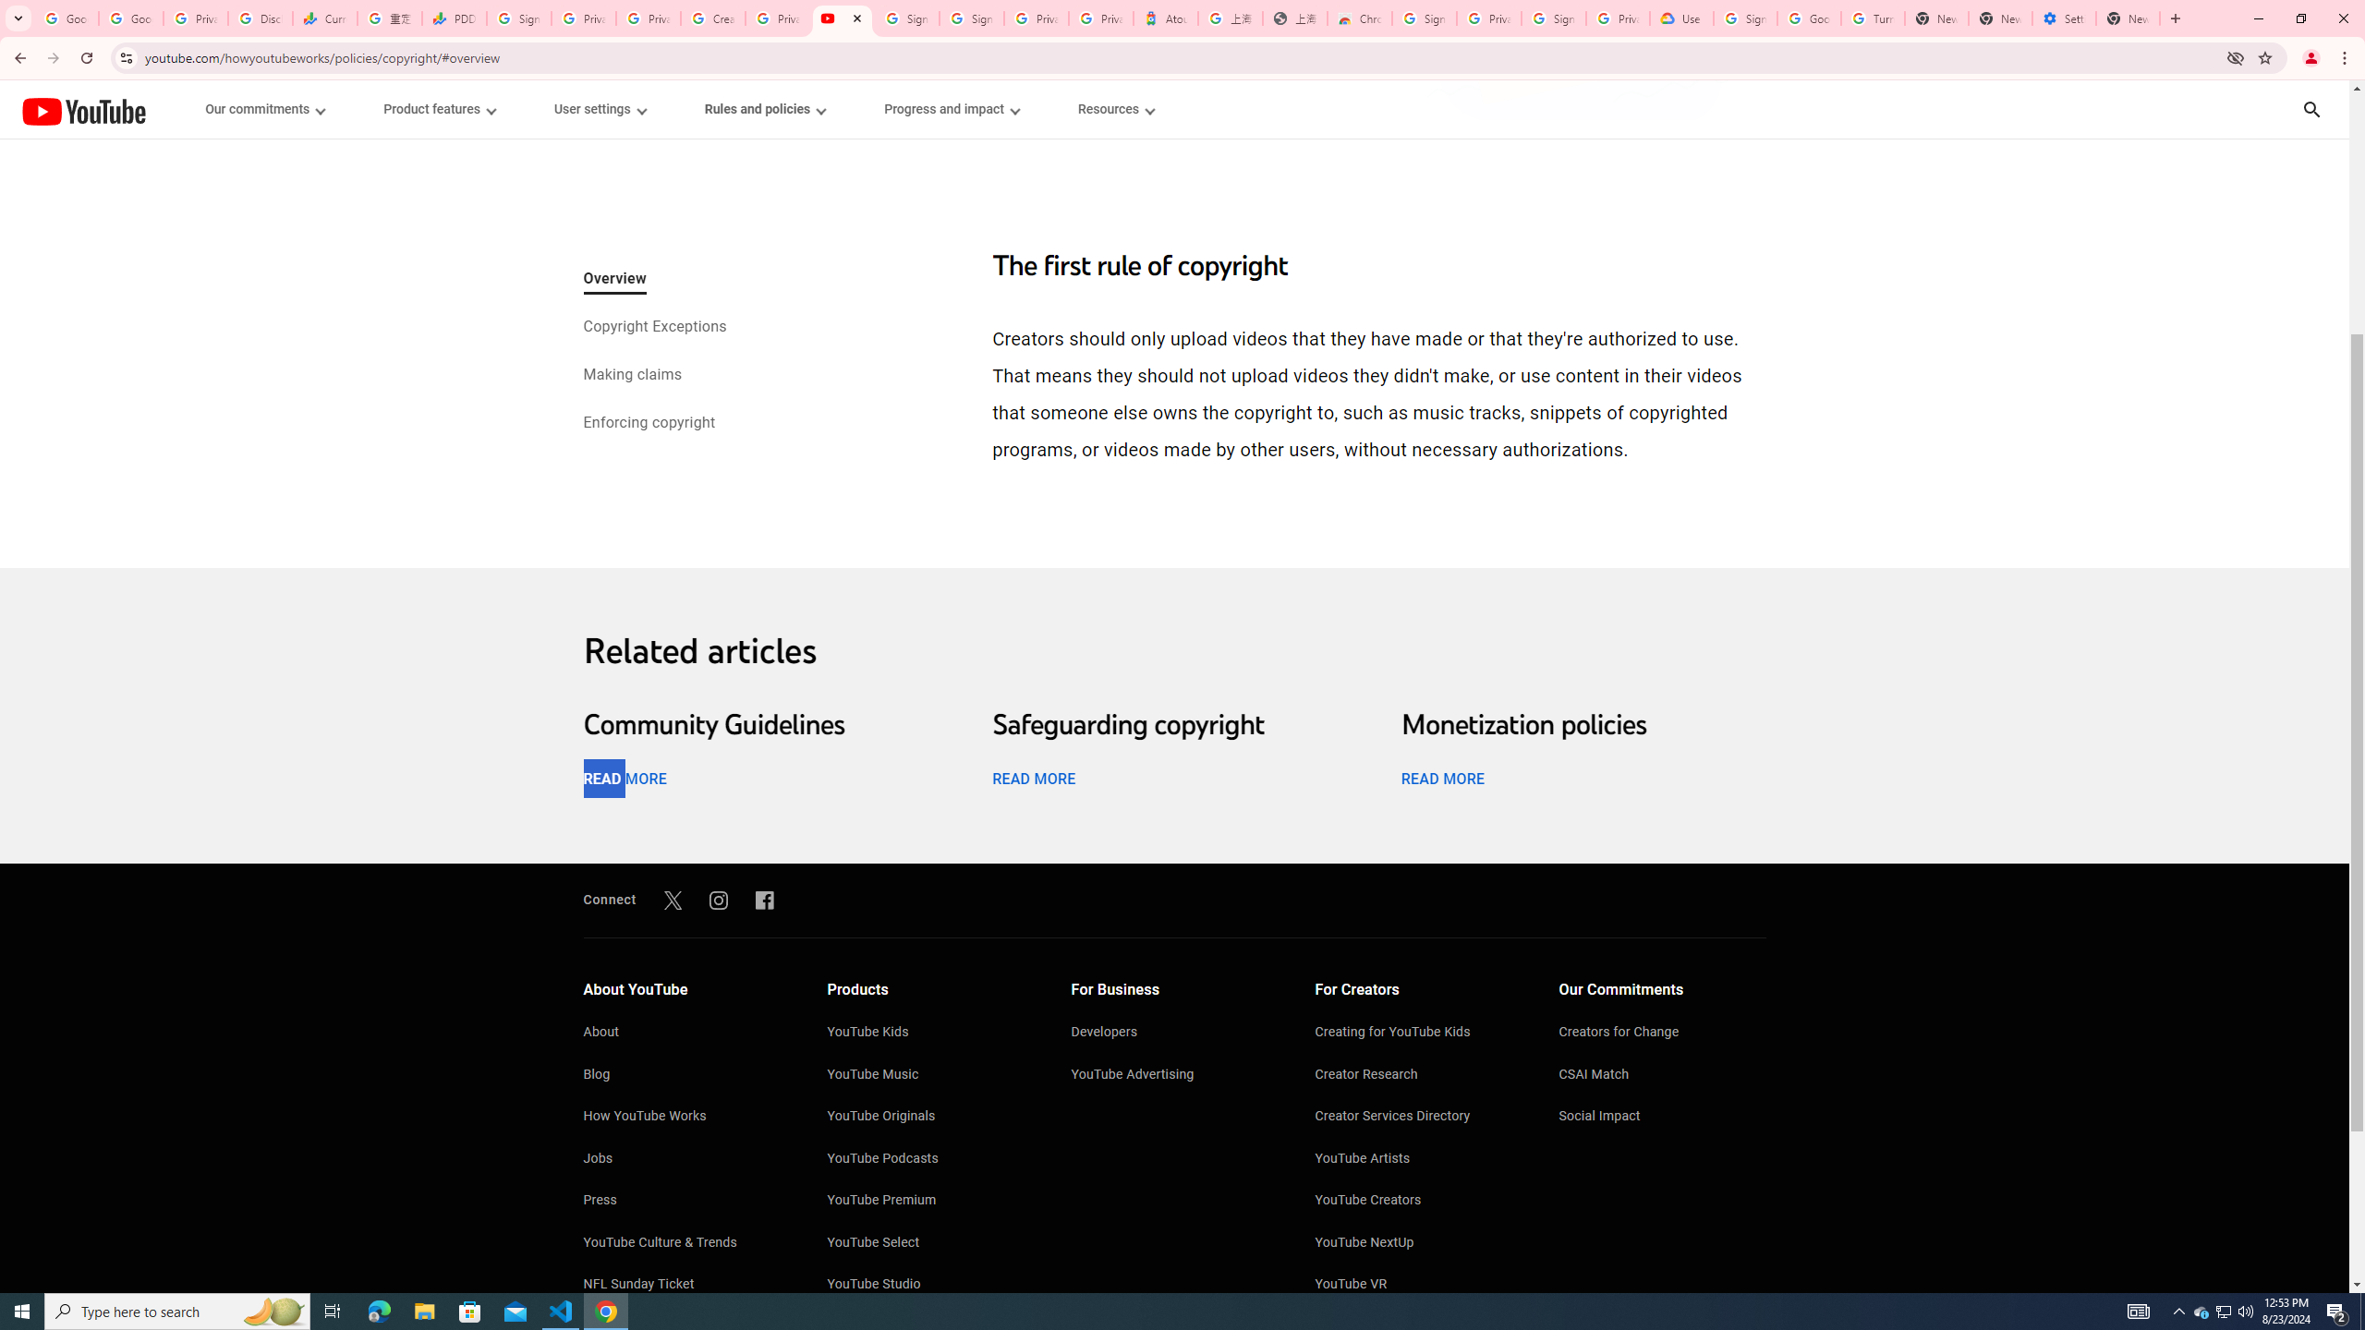  Describe the element at coordinates (685, 1242) in the screenshot. I see `'YouTube Culture & Trends'` at that location.